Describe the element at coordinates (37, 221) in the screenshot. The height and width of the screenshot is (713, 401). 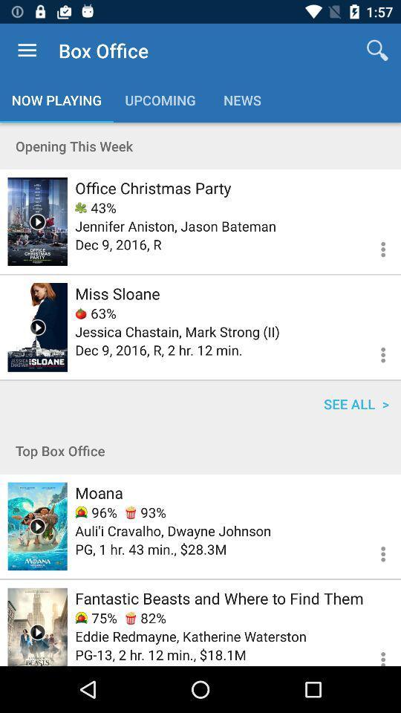
I see `watch the movie trailer` at that location.